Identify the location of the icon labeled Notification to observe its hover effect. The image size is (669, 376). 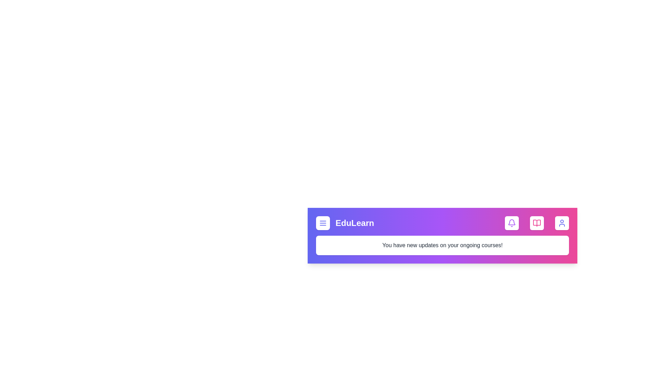
(512, 223).